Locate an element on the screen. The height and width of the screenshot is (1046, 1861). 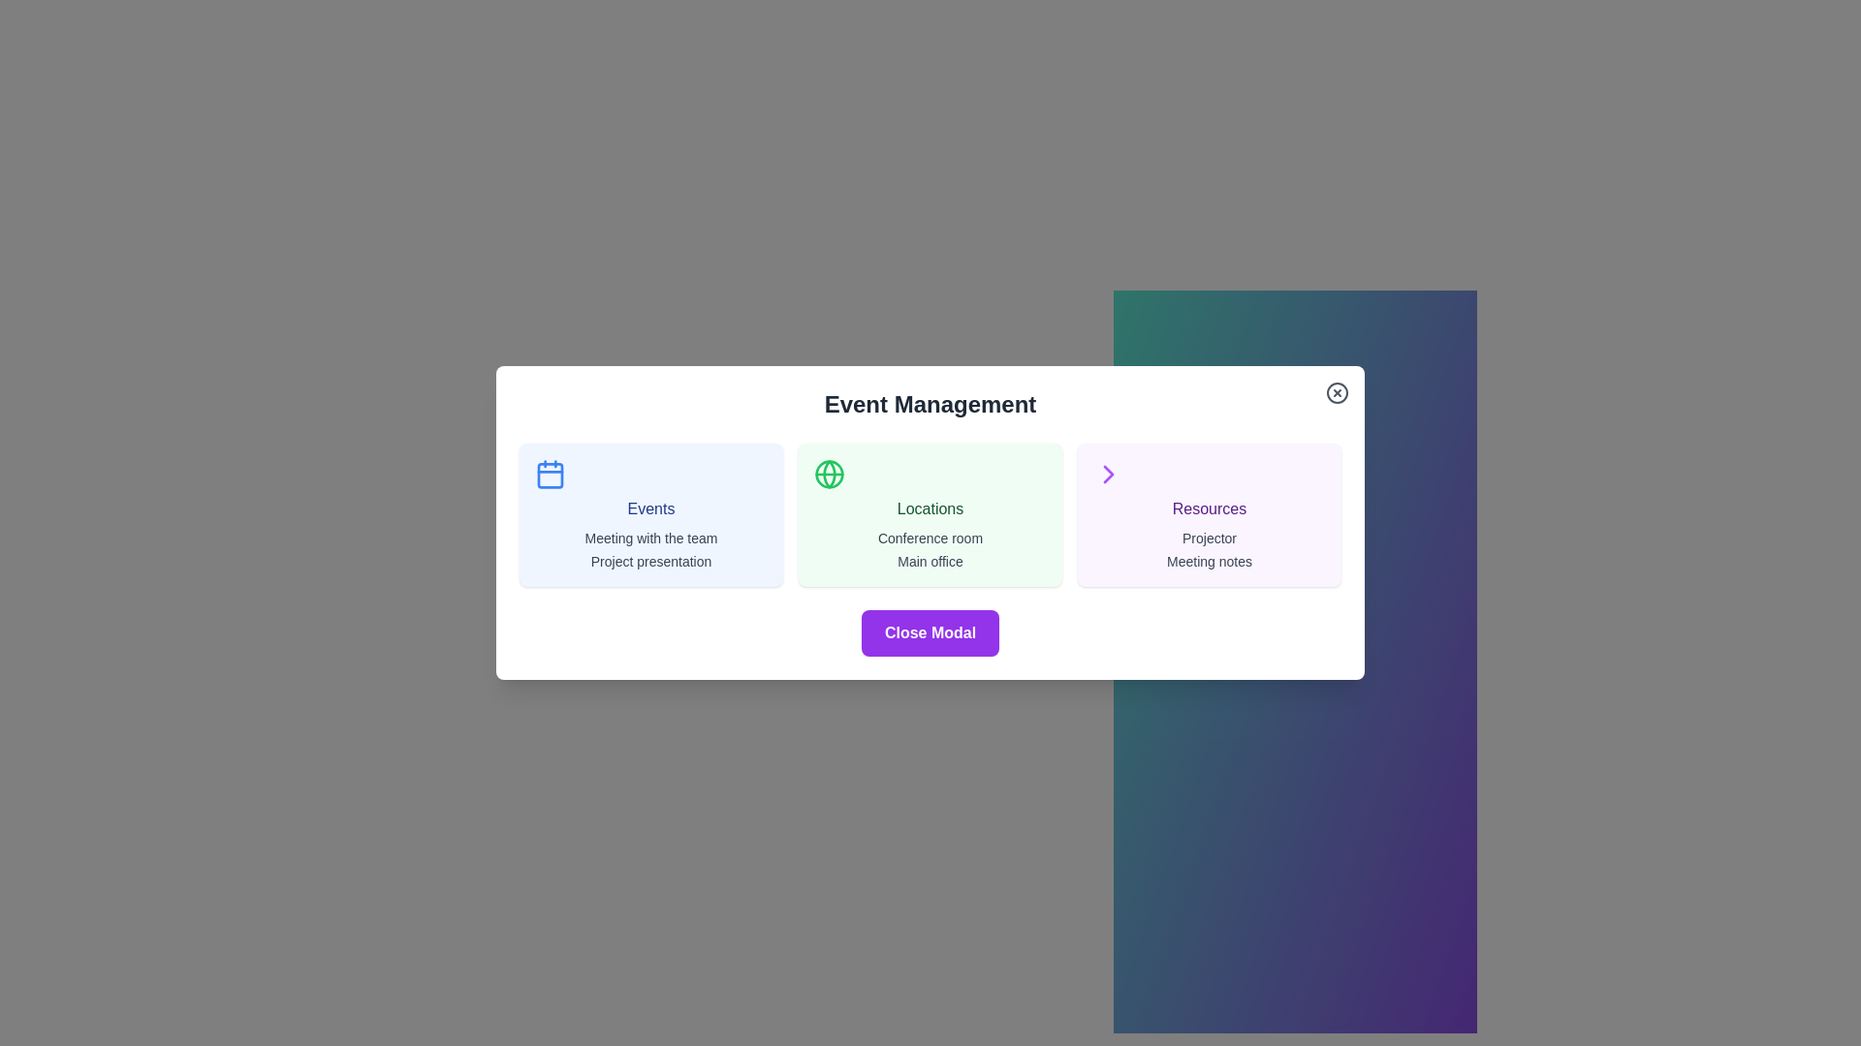
text label displaying 'Conference room' in dark gray on a light green background, located in the 'Locations' section under 'Event Management' is located at coordinates (930, 538).